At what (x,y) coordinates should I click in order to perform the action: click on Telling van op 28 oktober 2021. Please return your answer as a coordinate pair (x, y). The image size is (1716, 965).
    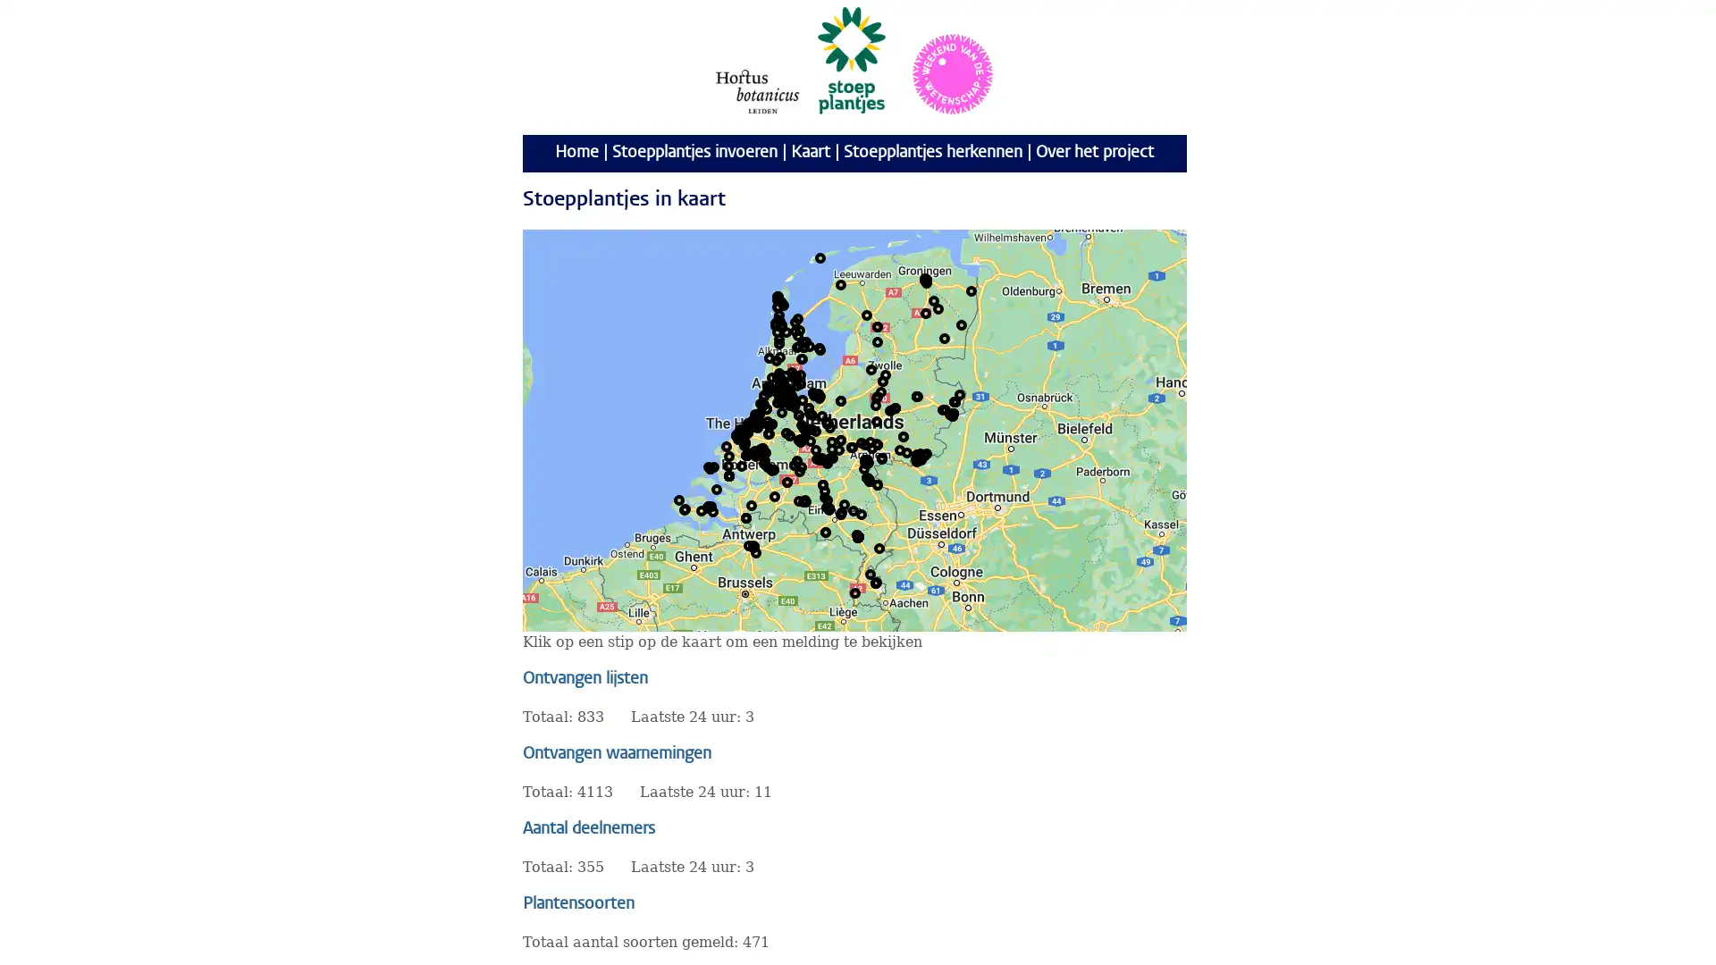
    Looking at the image, I should click on (753, 543).